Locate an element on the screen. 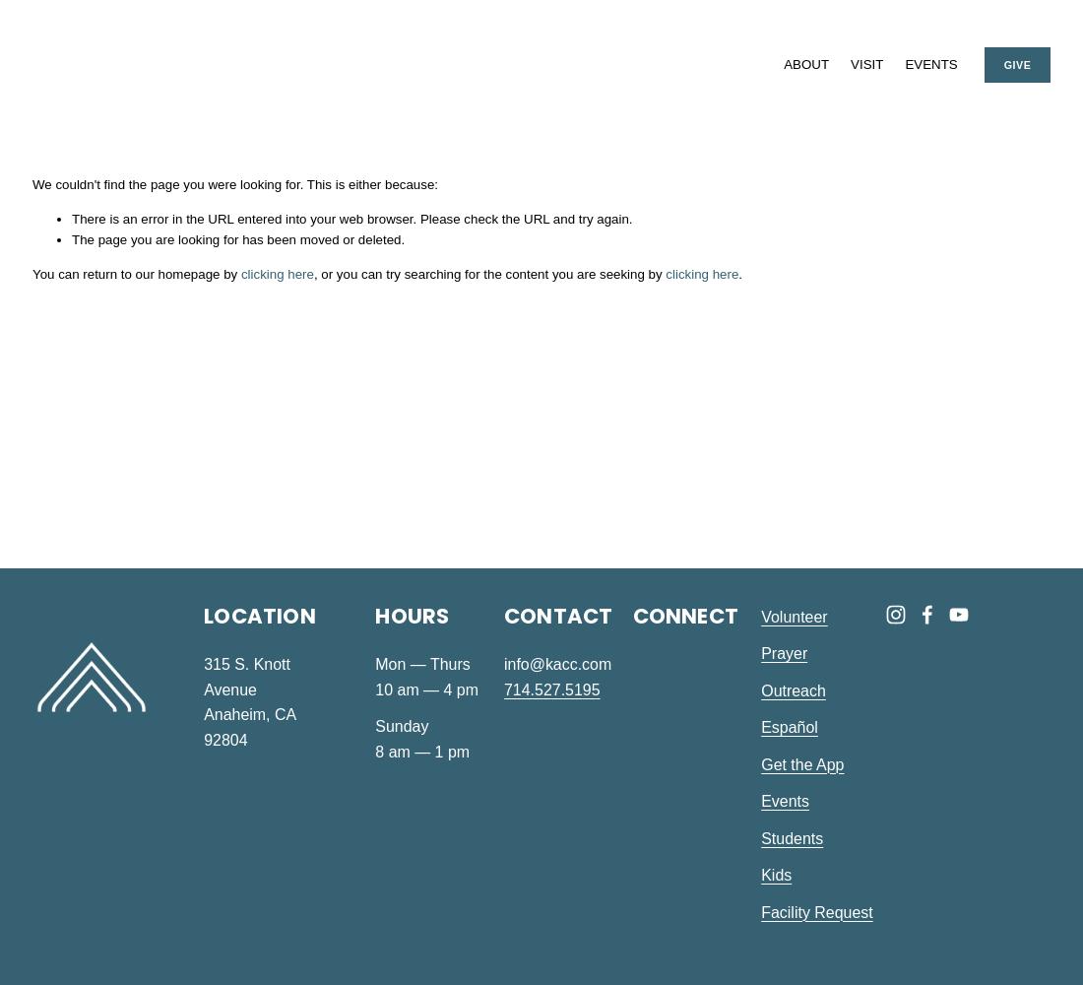  'Outreach' is located at coordinates (793, 689).